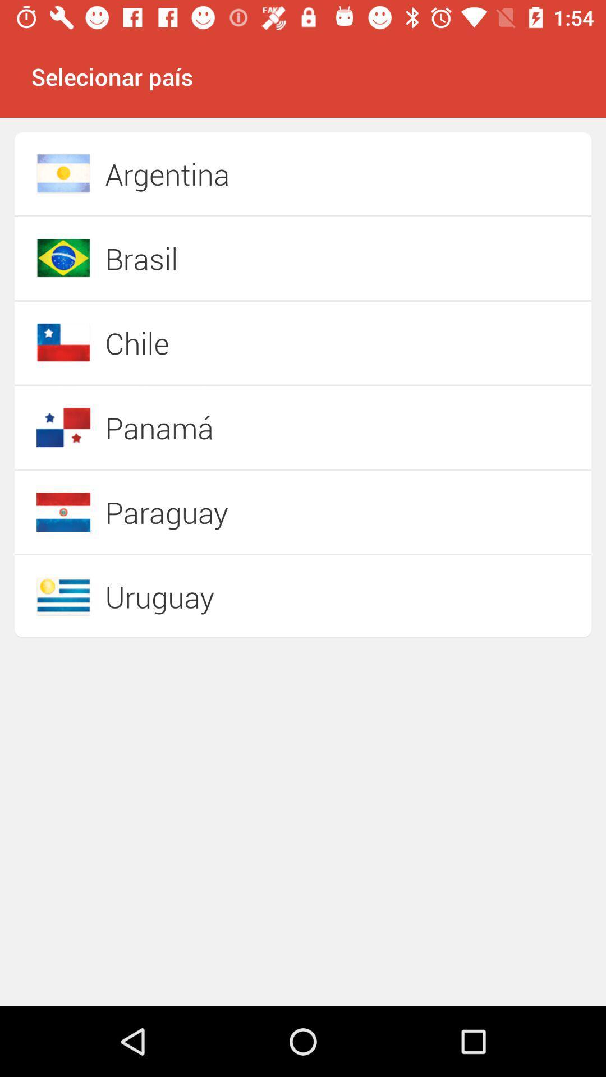  What do you see at coordinates (263, 427) in the screenshot?
I see `item below chile item` at bounding box center [263, 427].